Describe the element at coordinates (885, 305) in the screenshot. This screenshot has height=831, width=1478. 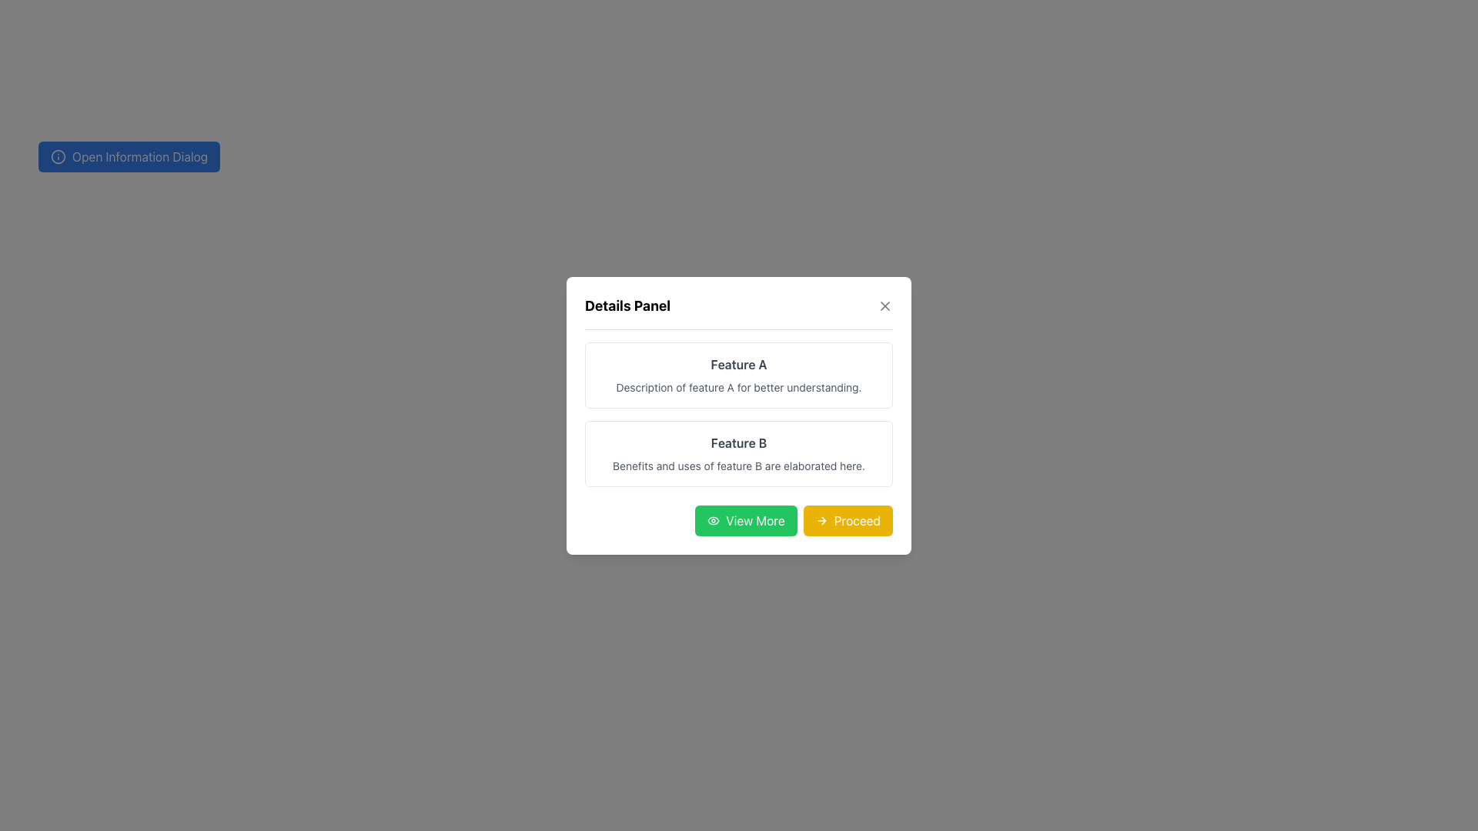
I see `the close icon located in the upper-right corner of the 'Details Panel' modal dialog` at that location.